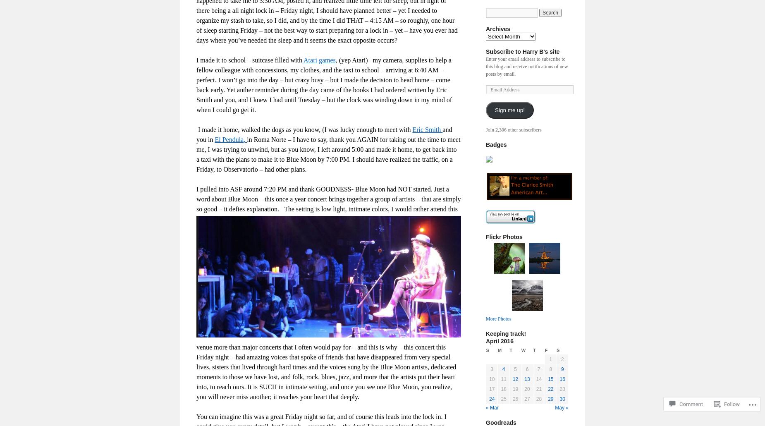 The width and height of the screenshot is (765, 426). I want to click on 'M', so click(499, 349).